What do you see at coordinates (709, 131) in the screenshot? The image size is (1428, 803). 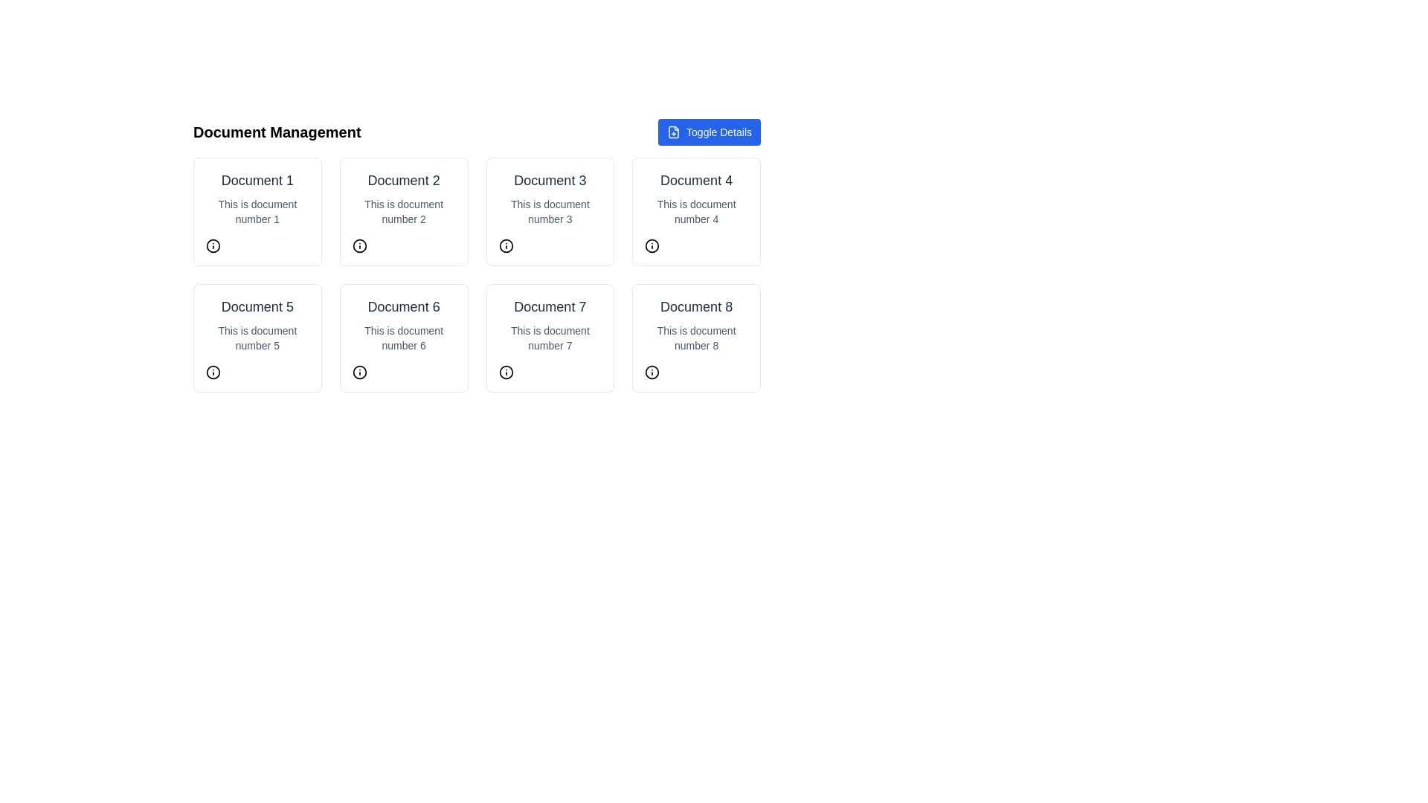 I see `the button located to the right of the 'Document Management' heading` at bounding box center [709, 131].